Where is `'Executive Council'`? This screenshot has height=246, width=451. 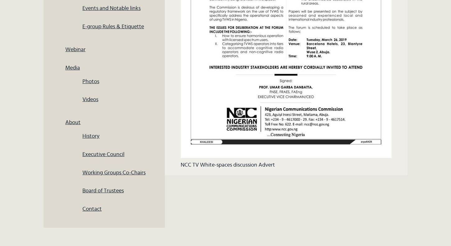 'Executive Council' is located at coordinates (103, 154).